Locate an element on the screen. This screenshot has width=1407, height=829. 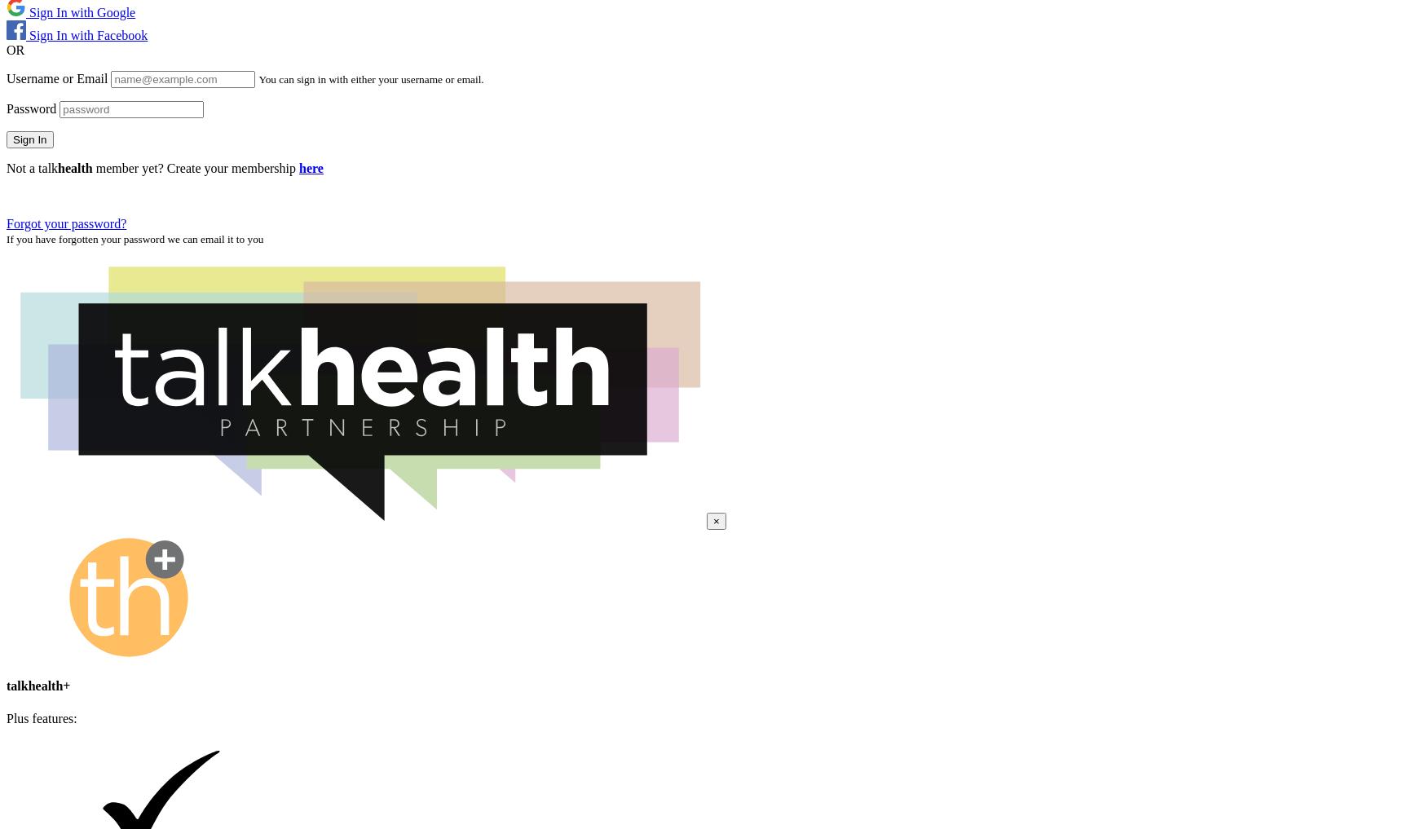
'Not a talk' is located at coordinates (32, 167).